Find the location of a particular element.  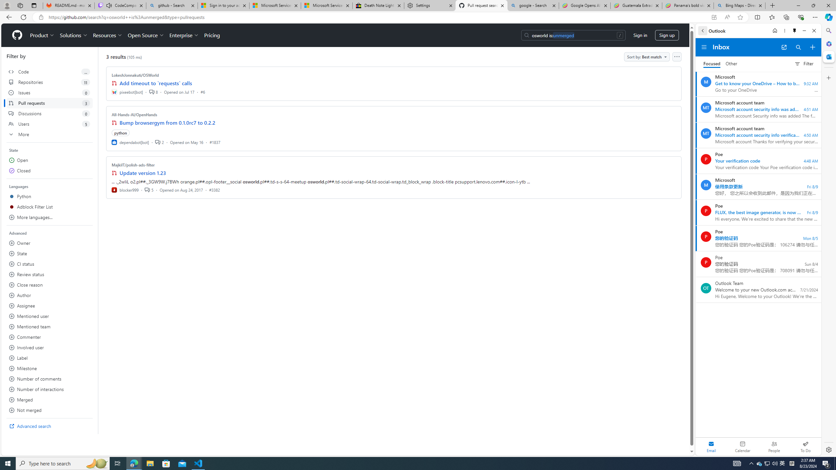

'Product' is located at coordinates (42, 35).